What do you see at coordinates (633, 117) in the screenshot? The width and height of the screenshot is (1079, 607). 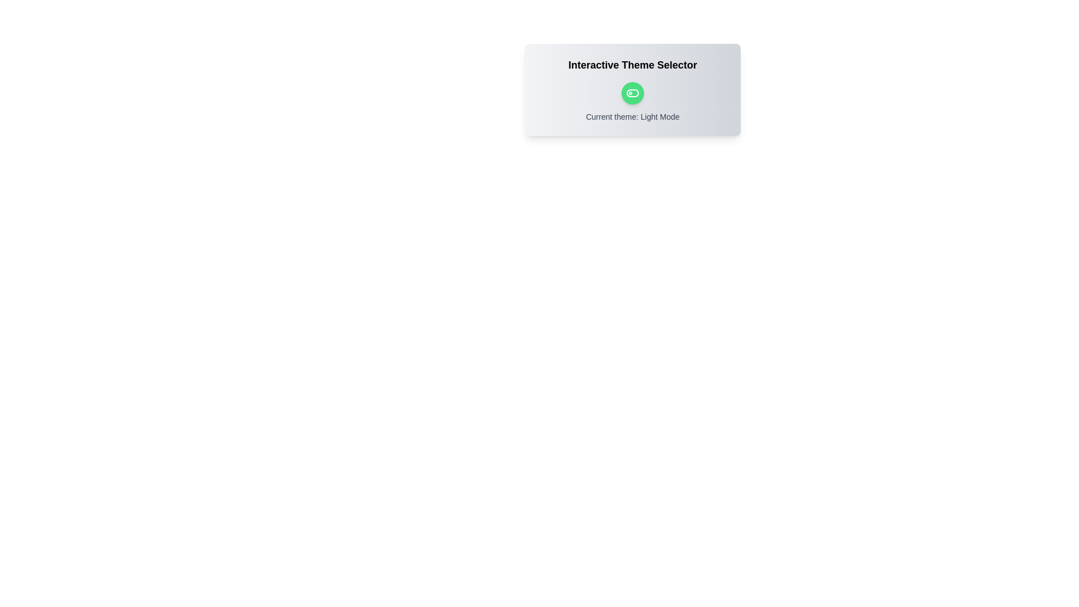 I see `the second text label that informs the user about the currently applied theme setting, located below 'Interactive Theme Selector' and adjacent to the toggle switch` at bounding box center [633, 117].